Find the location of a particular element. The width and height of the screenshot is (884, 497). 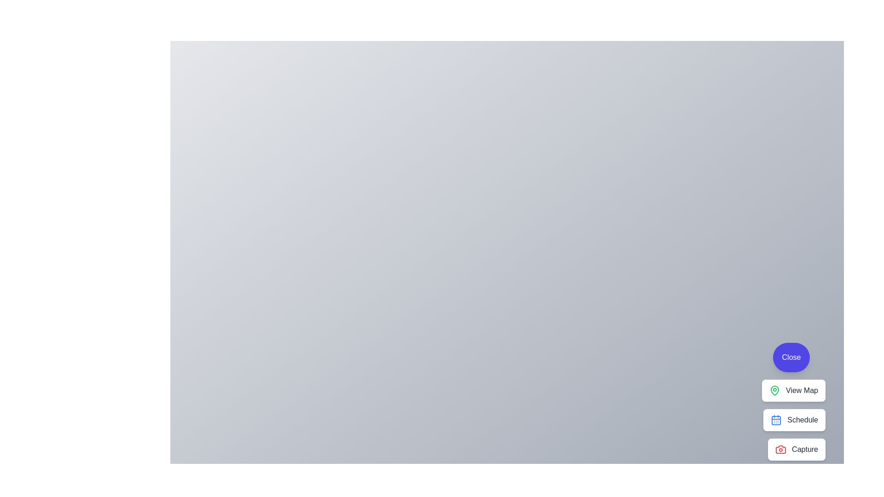

the 'Close' button to toggle the menu visibility is located at coordinates (791, 357).